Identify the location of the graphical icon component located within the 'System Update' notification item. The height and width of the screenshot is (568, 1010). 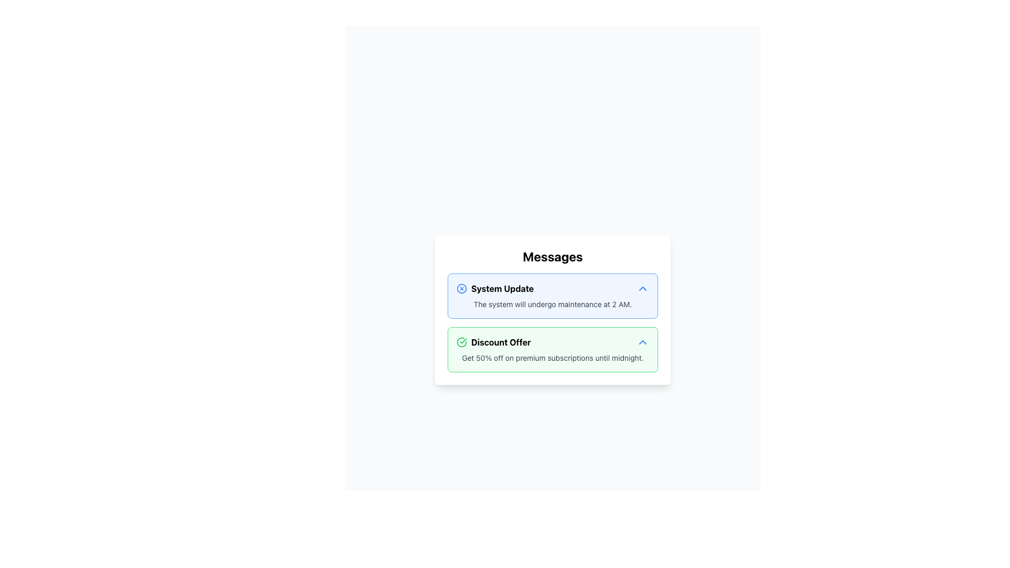
(462, 288).